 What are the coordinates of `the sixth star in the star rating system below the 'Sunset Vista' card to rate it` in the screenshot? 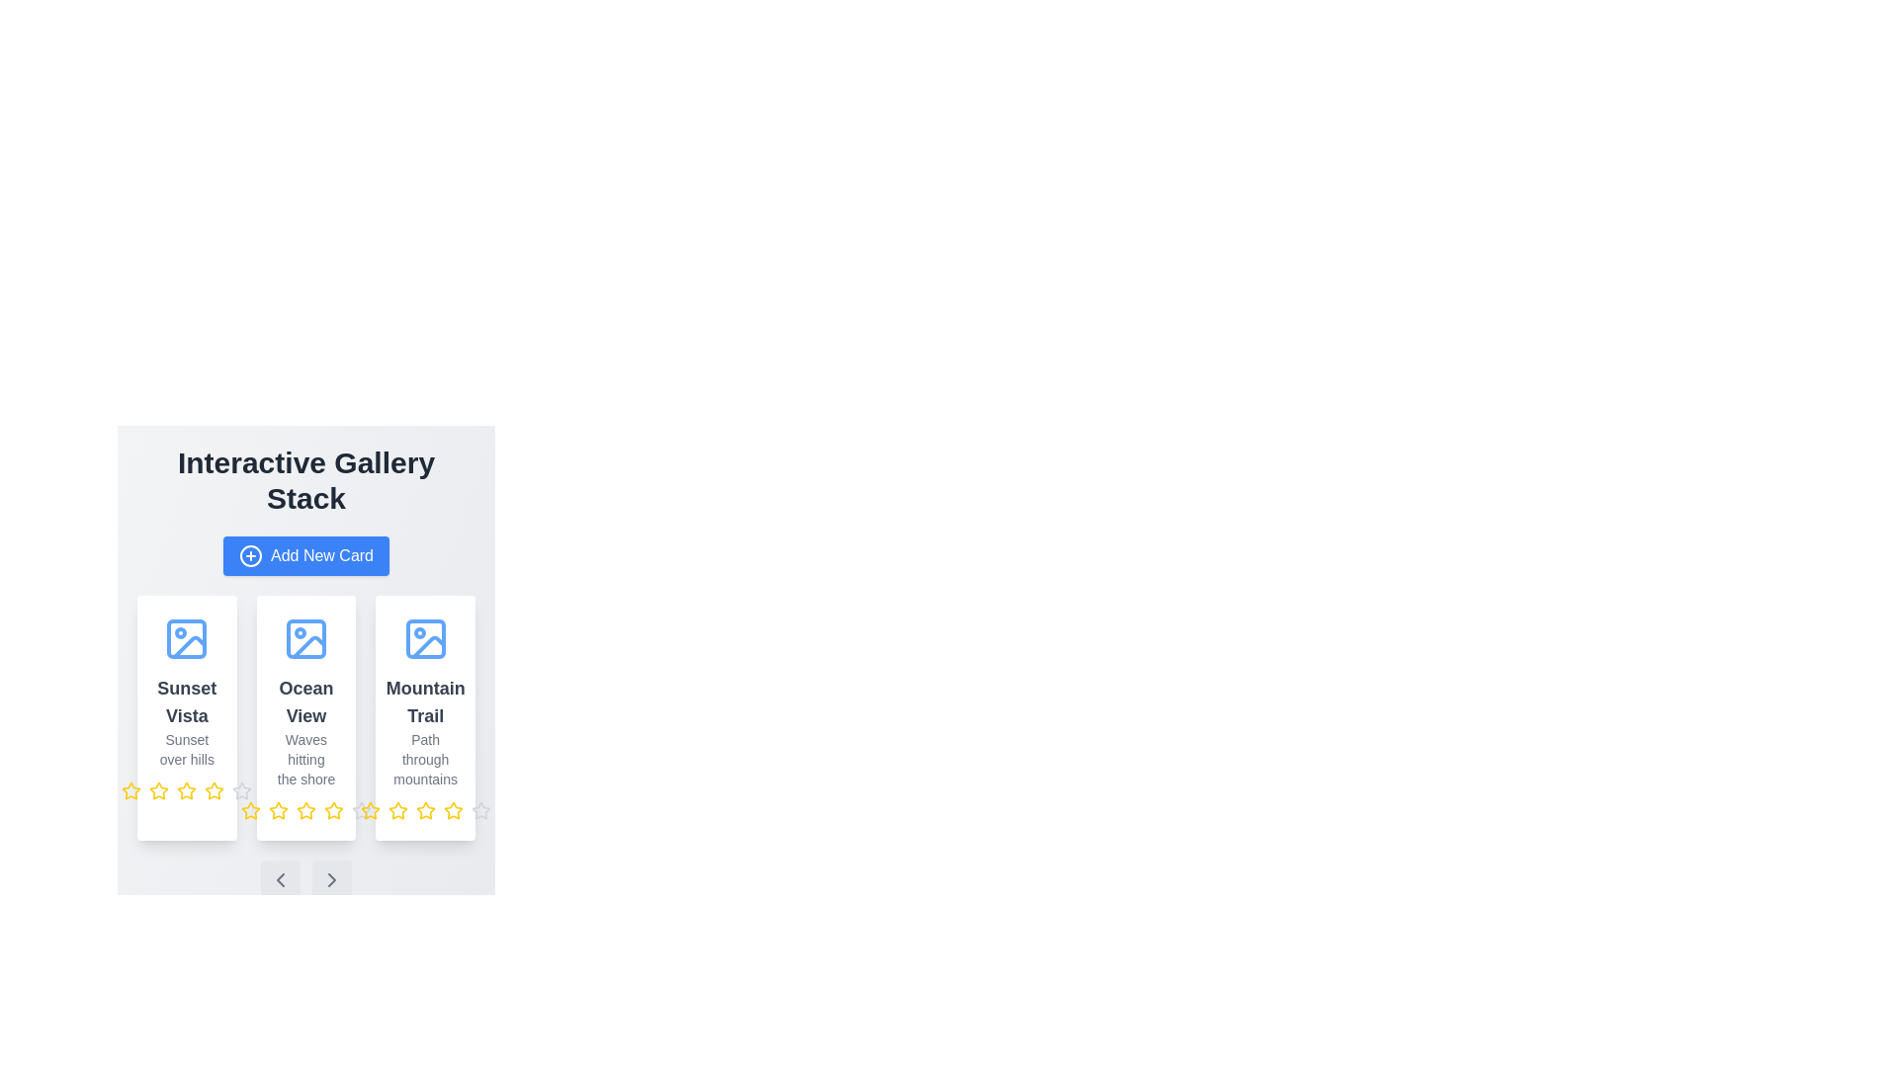 It's located at (215, 790).